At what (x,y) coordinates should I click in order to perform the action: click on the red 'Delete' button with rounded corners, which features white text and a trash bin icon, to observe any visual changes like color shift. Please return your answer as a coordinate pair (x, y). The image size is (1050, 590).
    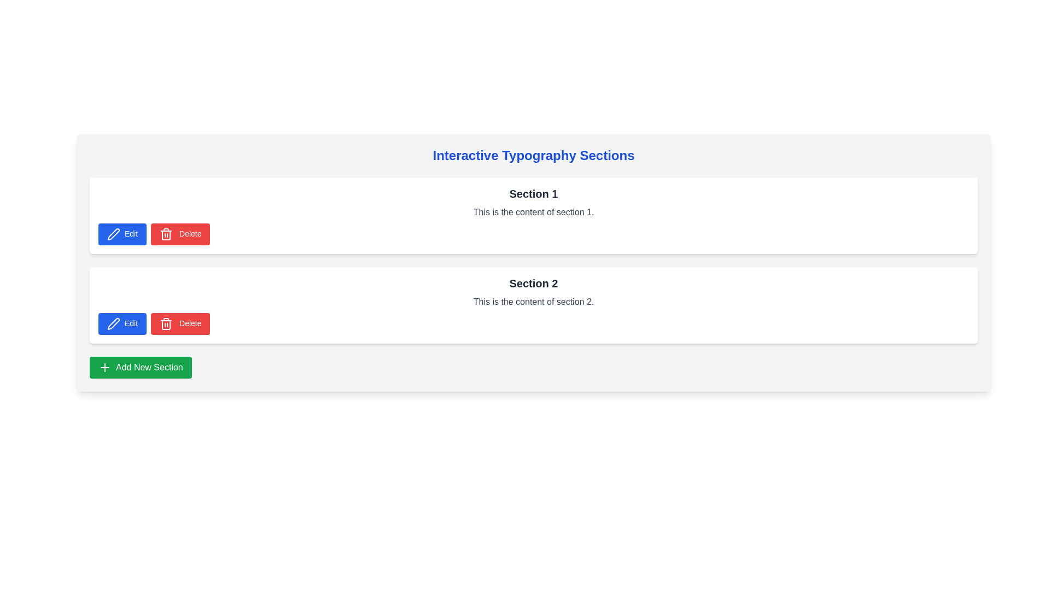
    Looking at the image, I should click on (180, 233).